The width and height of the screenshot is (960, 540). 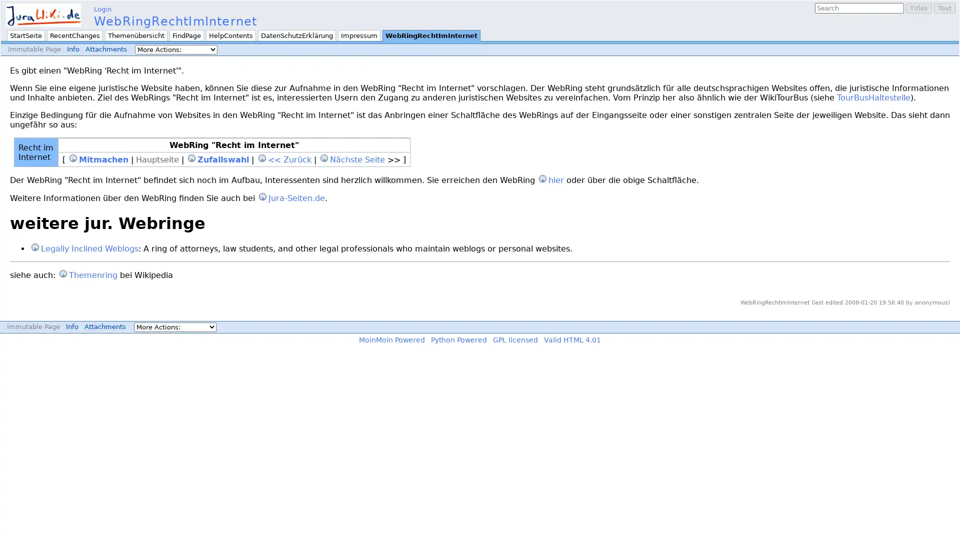 I want to click on Titles, so click(x=919, y=8).